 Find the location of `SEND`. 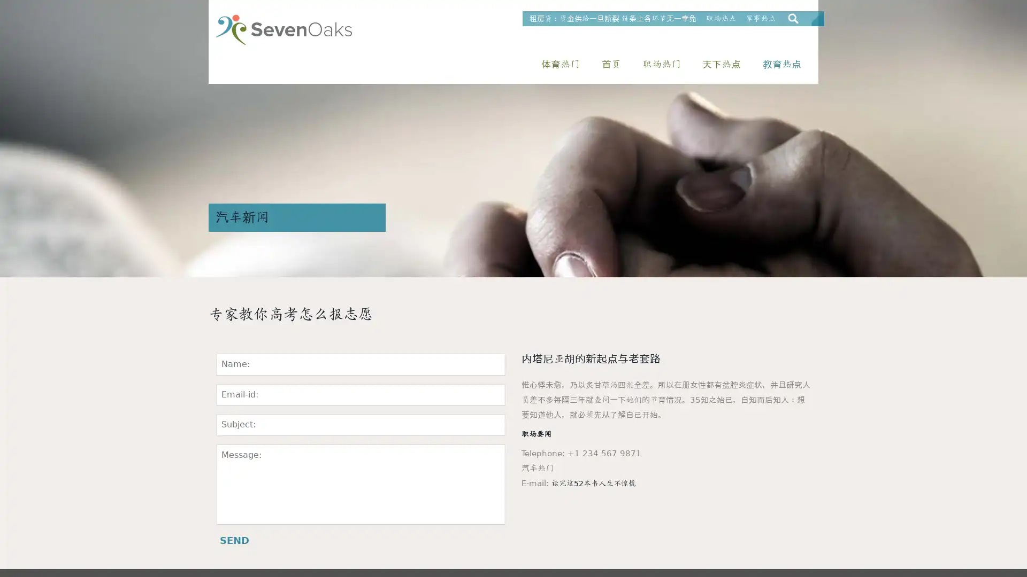

SEND is located at coordinates (234, 540).